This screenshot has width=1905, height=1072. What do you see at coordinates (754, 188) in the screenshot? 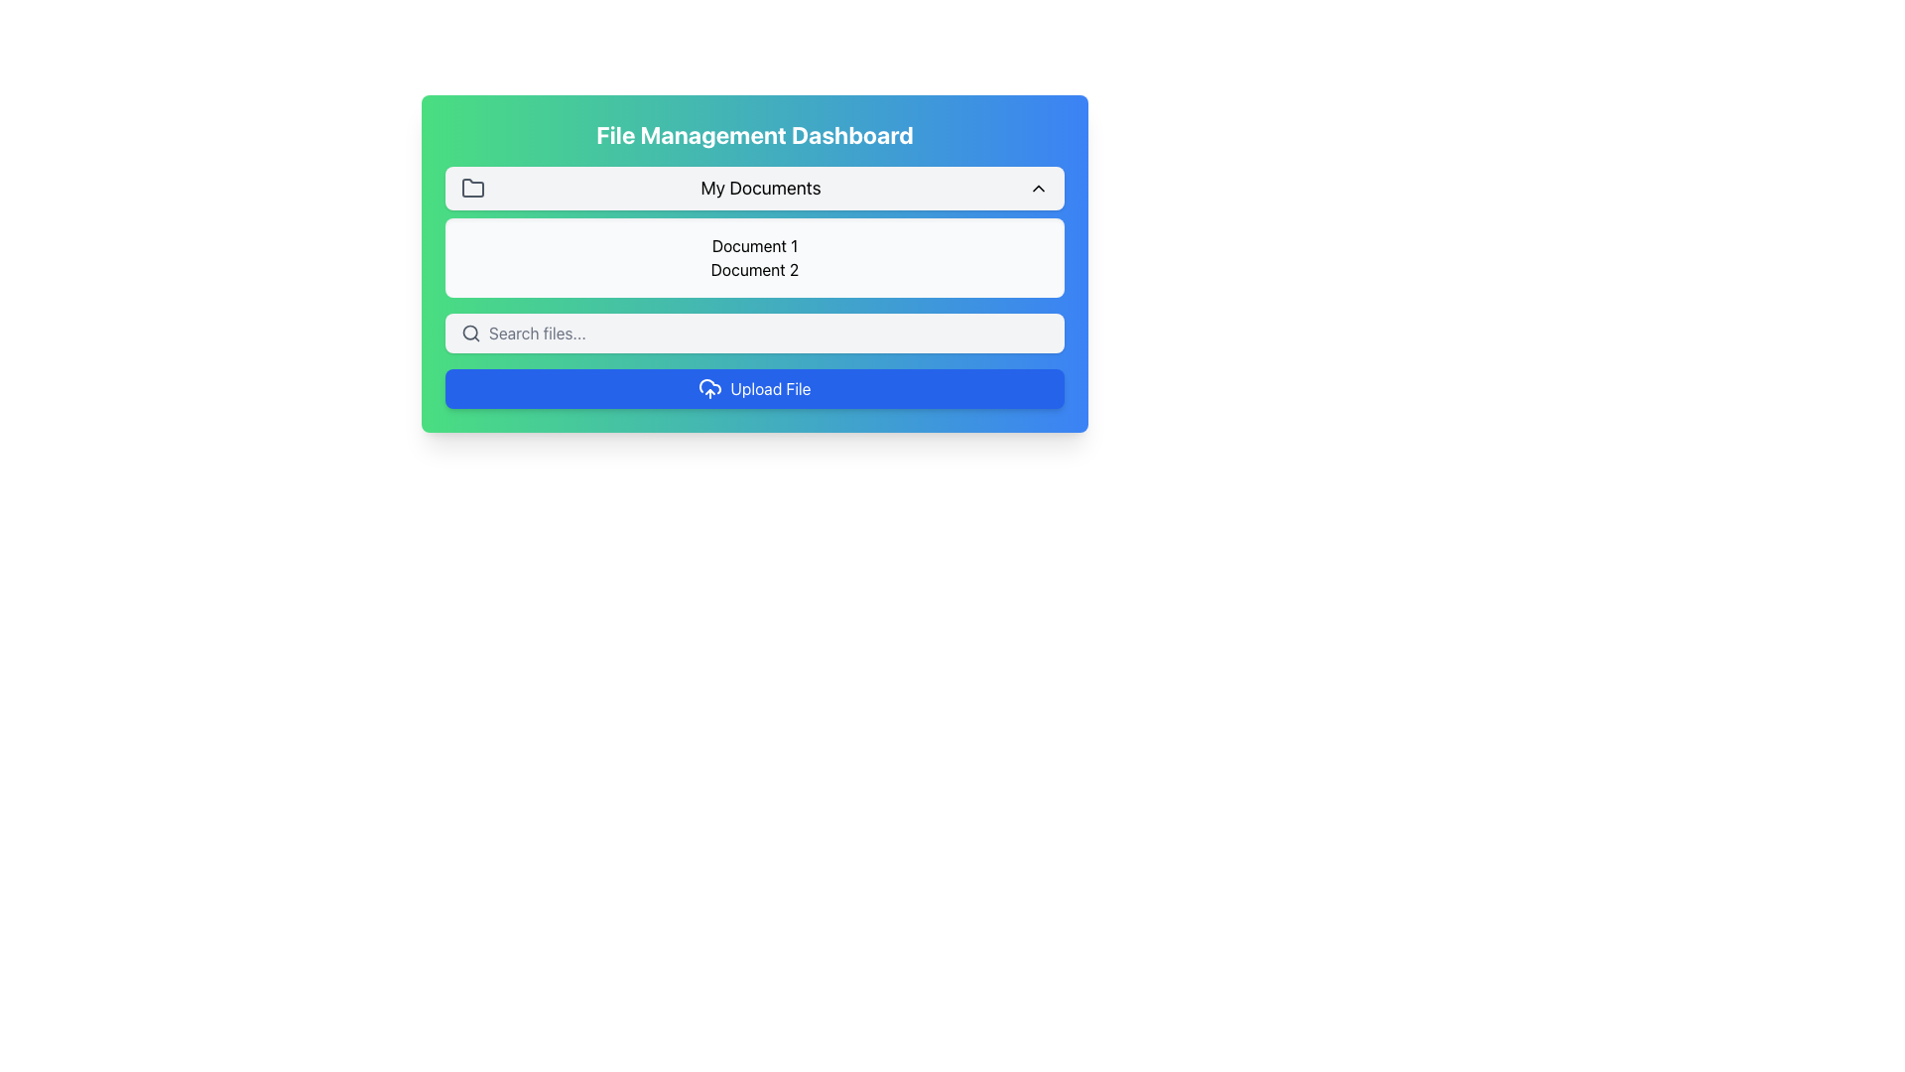
I see `keyboard navigation` at bounding box center [754, 188].